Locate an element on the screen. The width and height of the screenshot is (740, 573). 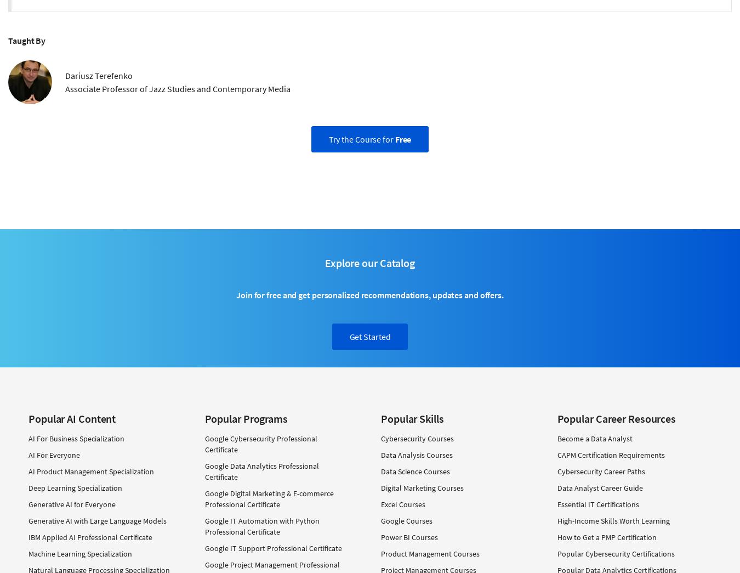
'Data Science Courses' is located at coordinates (415, 470).